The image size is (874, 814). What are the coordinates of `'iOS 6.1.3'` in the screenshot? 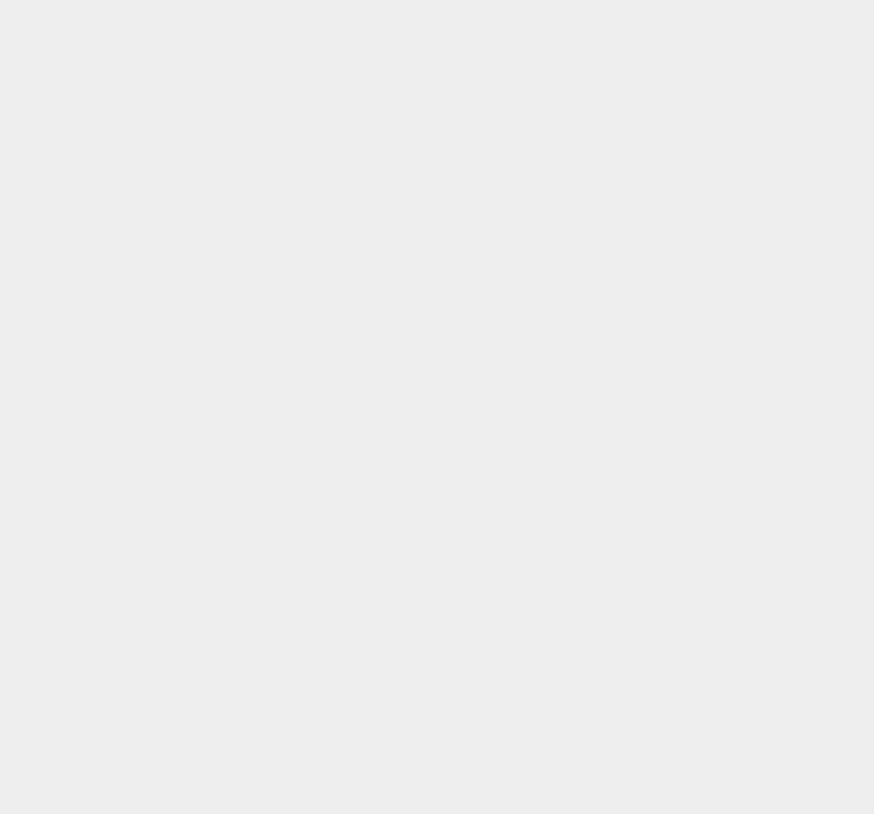 It's located at (638, 198).